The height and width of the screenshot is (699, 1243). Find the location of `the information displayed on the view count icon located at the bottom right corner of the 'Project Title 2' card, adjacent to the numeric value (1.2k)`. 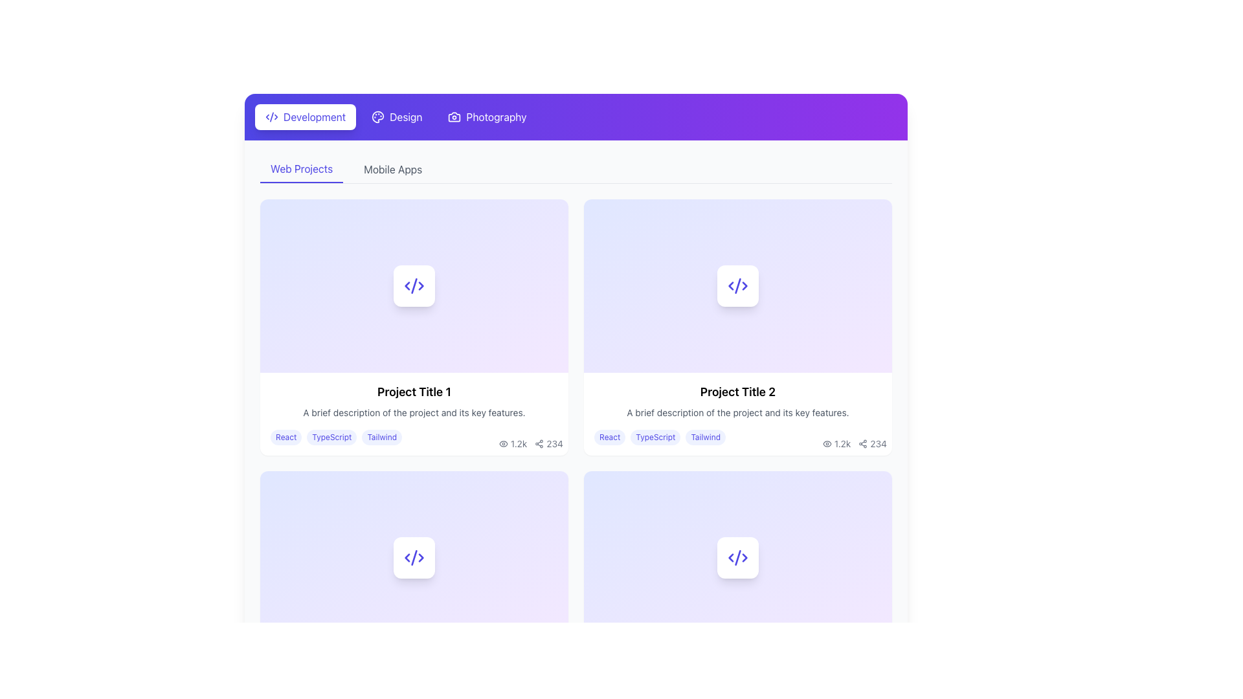

the information displayed on the view count icon located at the bottom right corner of the 'Project Title 2' card, adjacent to the numeric value (1.2k) is located at coordinates (826, 443).